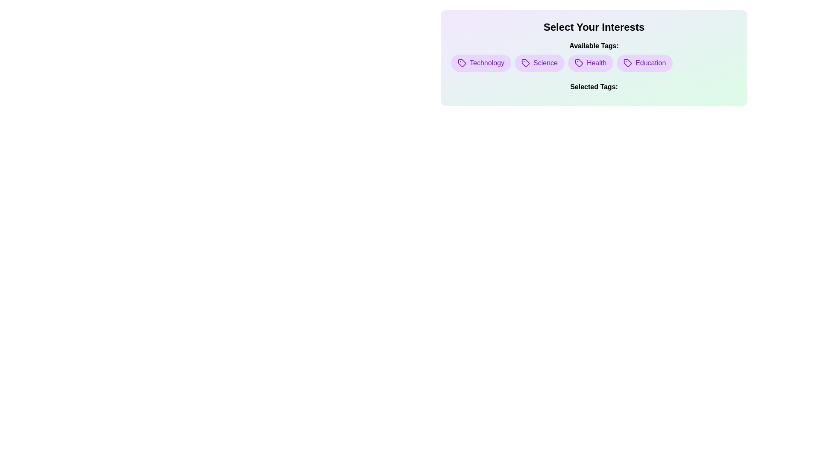 The image size is (820, 461). What do you see at coordinates (590, 62) in the screenshot?
I see `the 'Health' tag, which is the third item in a horizontal list of categories including 'Technology', 'Science', 'Health', and 'Education'` at bounding box center [590, 62].